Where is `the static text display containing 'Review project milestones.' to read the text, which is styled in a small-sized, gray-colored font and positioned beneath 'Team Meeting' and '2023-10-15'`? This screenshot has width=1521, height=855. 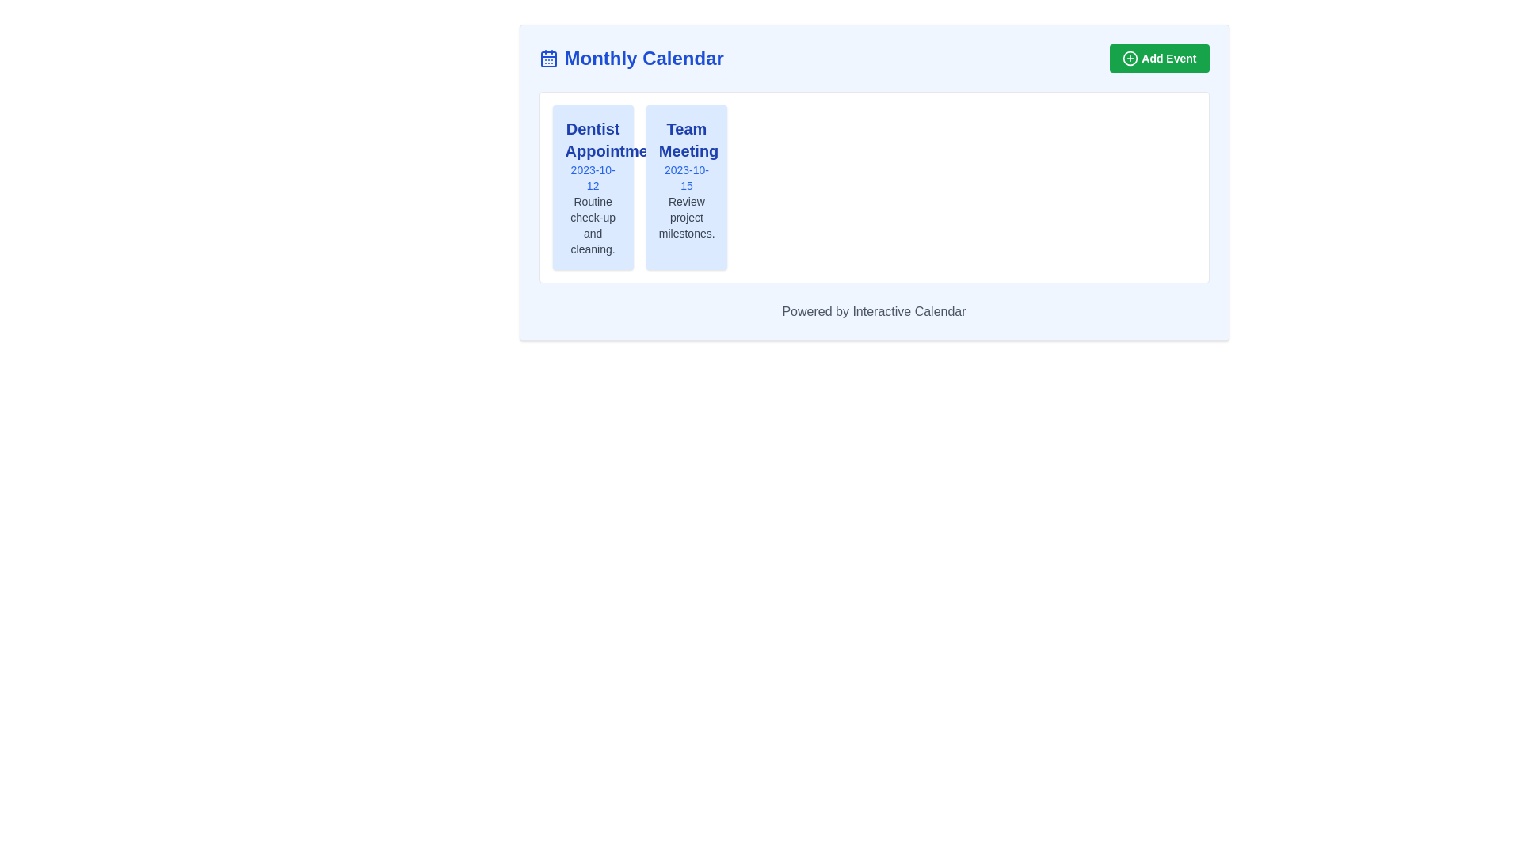 the static text display containing 'Review project milestones.' to read the text, which is styled in a small-sized, gray-colored font and positioned beneath 'Team Meeting' and '2023-10-15' is located at coordinates (686, 217).